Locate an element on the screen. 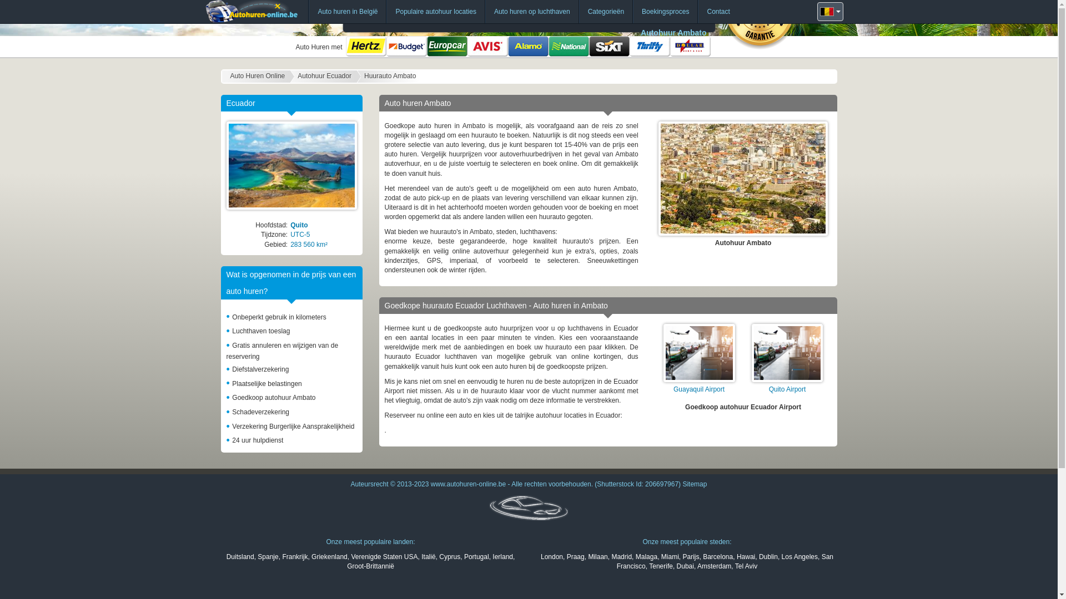 This screenshot has height=599, width=1066. 'Quito Airport' is located at coordinates (787, 389).